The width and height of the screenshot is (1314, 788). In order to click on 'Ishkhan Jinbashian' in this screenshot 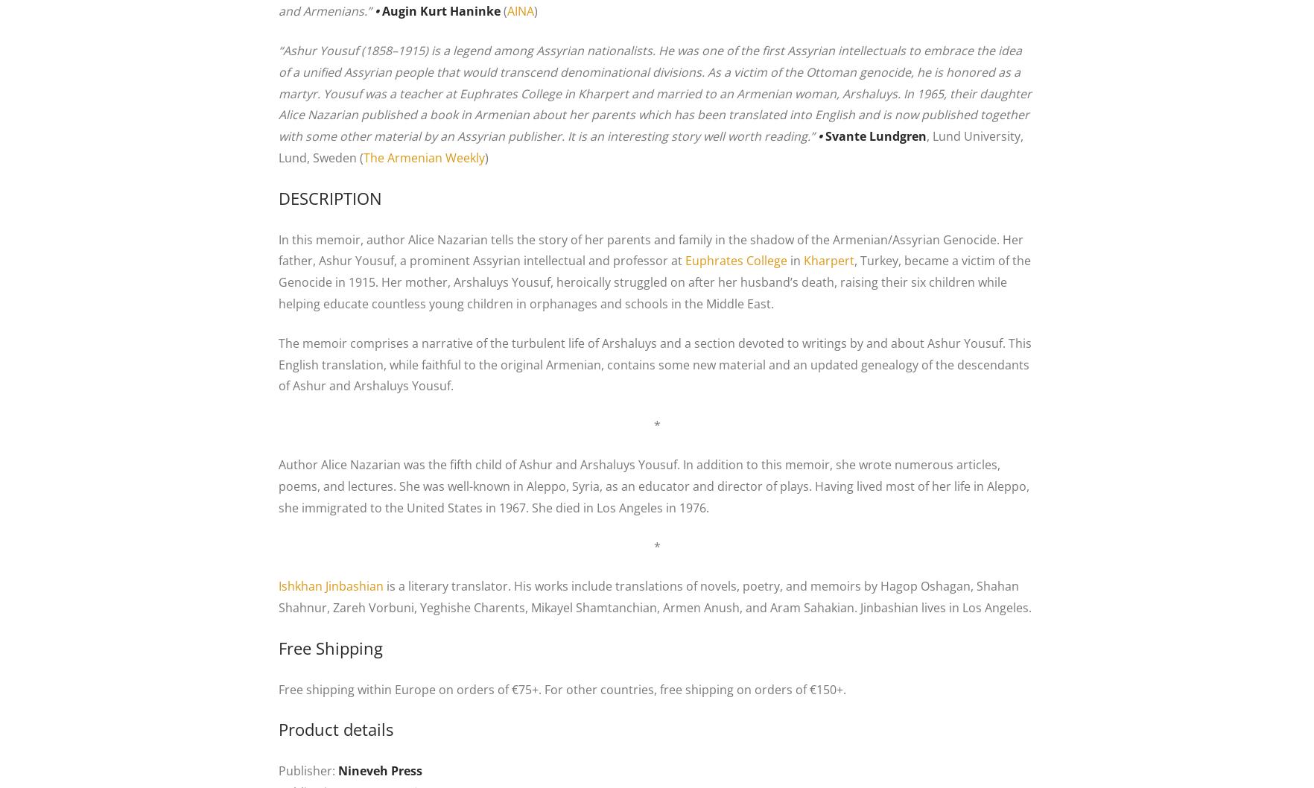, I will do `click(331, 586)`.